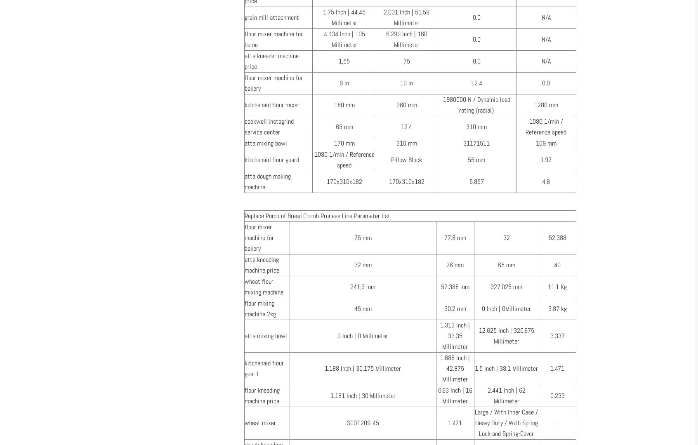 This screenshot has width=698, height=445. Describe the element at coordinates (272, 105) in the screenshot. I see `'kitchenaid flour mixer'` at that location.